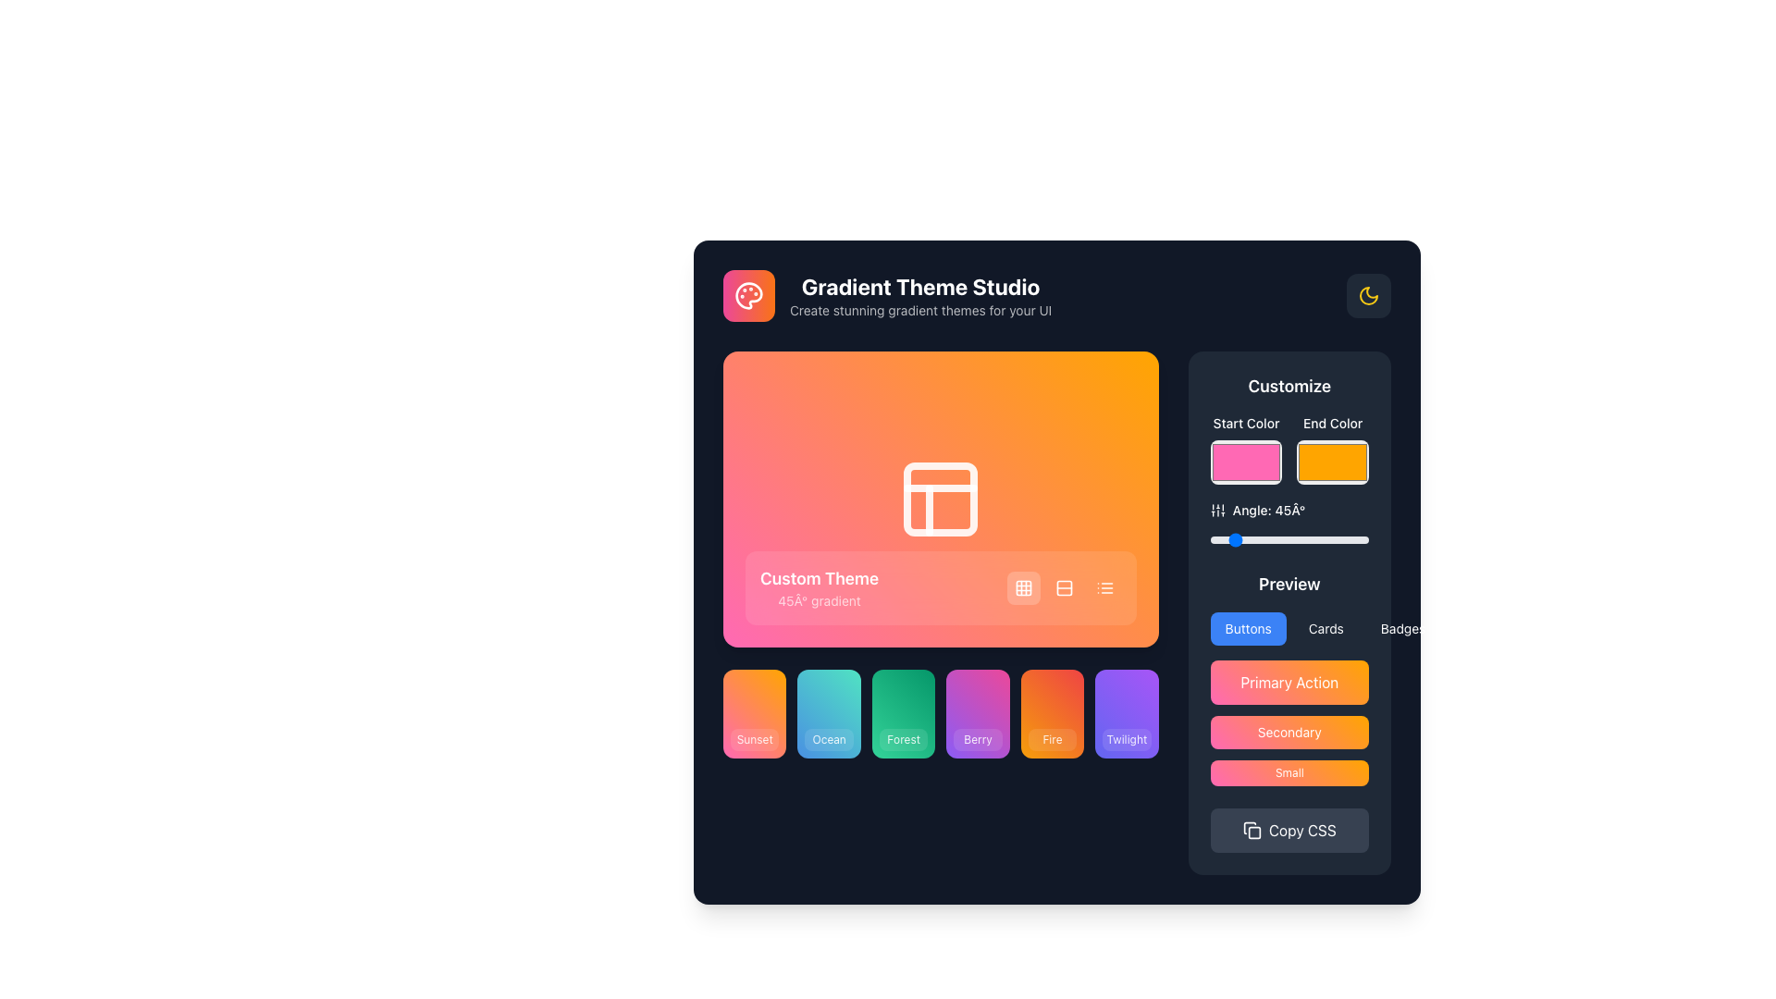 The width and height of the screenshot is (1776, 999). Describe the element at coordinates (1252, 830) in the screenshot. I see `the 'Copy CSS' icon located at the bottom-right corner of the interface for possible interaction` at that location.